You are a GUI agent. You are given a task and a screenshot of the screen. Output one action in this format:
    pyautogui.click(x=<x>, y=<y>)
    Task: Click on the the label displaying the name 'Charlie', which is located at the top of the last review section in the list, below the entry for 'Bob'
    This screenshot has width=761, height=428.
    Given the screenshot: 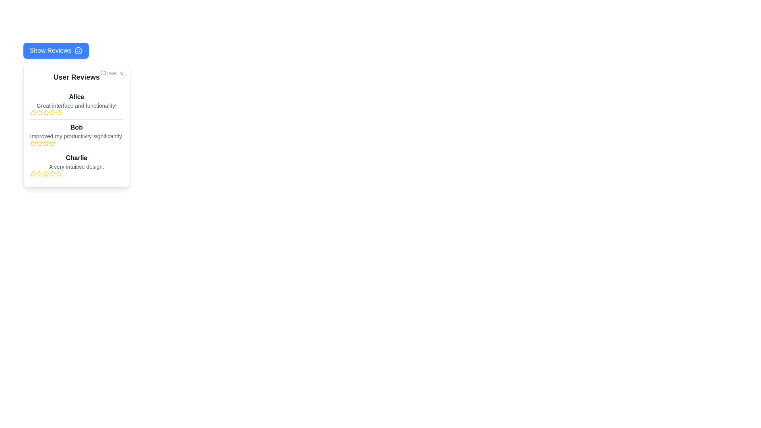 What is the action you would take?
    pyautogui.click(x=76, y=158)
    